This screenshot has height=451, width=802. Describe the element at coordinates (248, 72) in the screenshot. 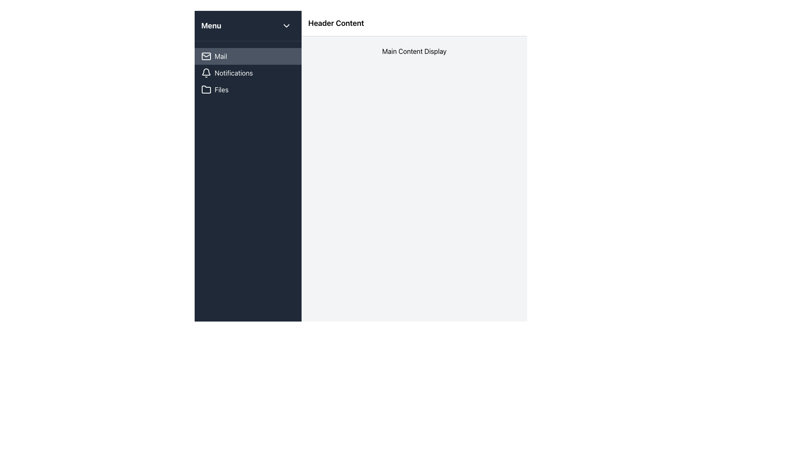

I see `the 'Notifications' menu item in the vertical navigation bar` at that location.